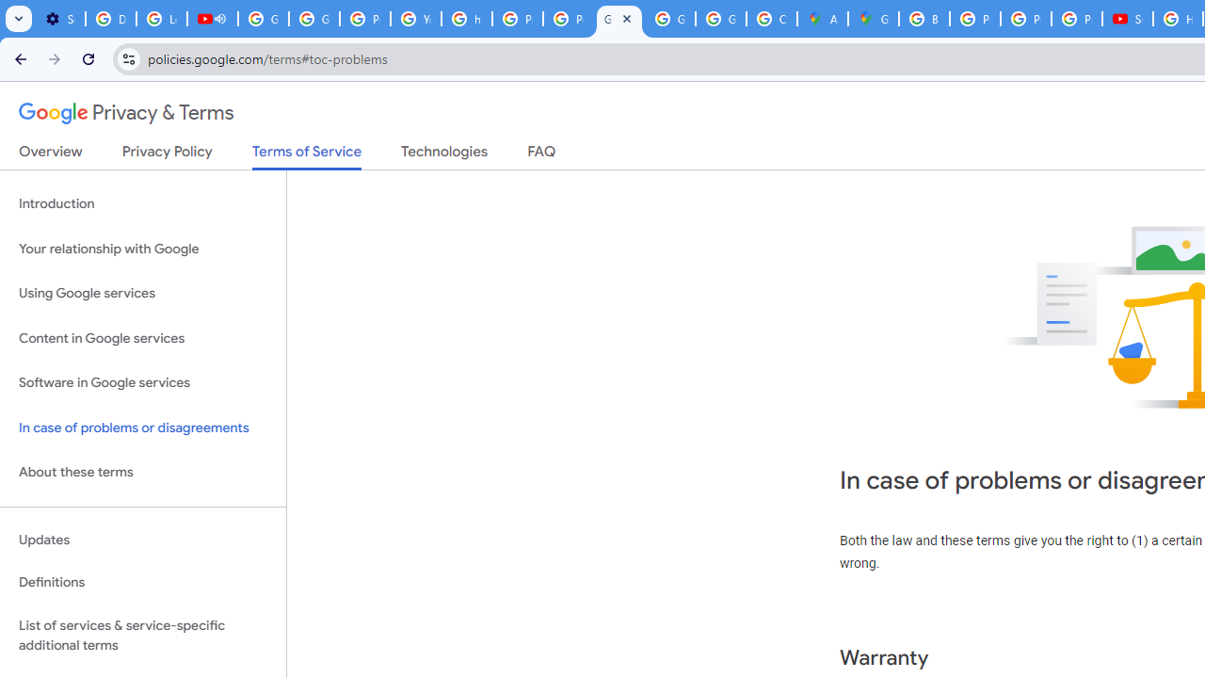 This screenshot has height=678, width=1205. What do you see at coordinates (142, 636) in the screenshot?
I see `'List of services & service-specific additional terms'` at bounding box center [142, 636].